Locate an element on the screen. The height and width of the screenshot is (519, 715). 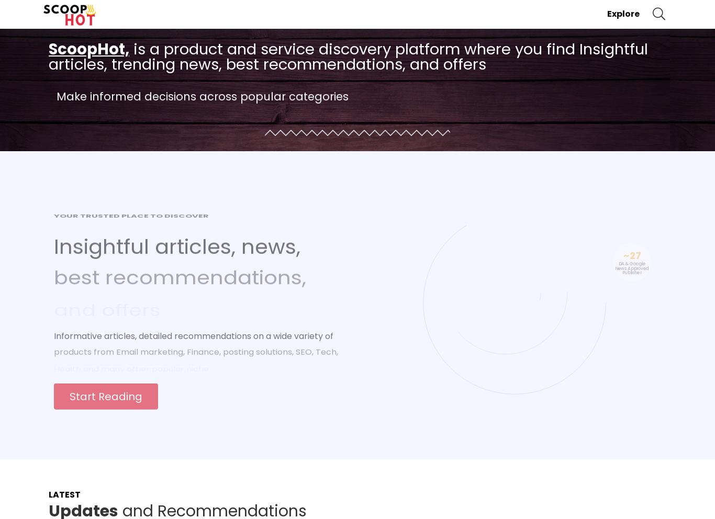
'~' is located at coordinates (622, 251).